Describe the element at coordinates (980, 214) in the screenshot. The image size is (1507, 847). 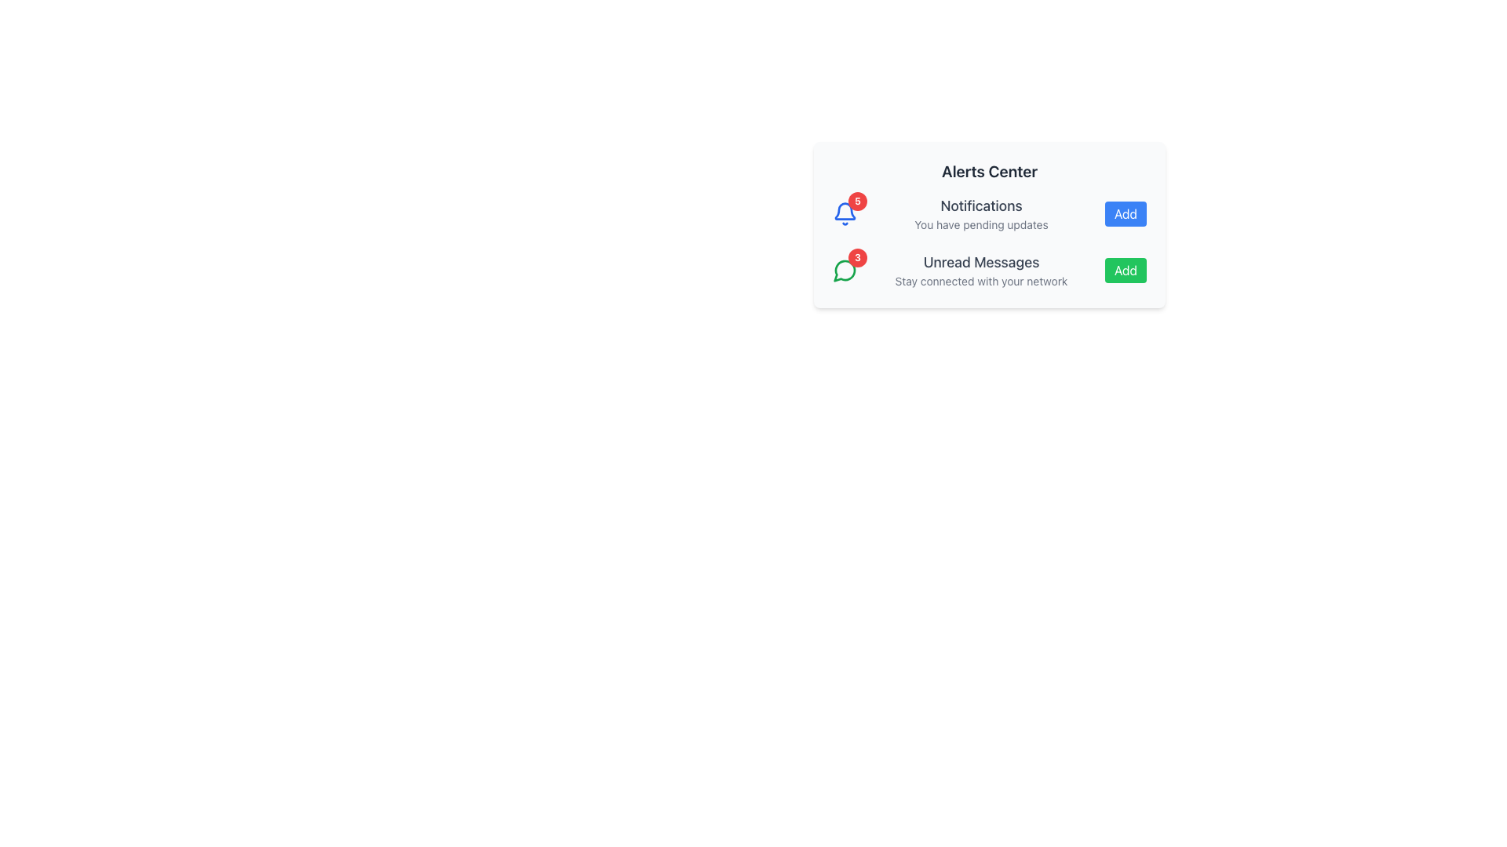
I see `the informational text display labeled 'Notifications' that indicates 'You have pending updates', located in the 'Alerts Center' section, positioned between the notification bell icon and the 'Add' button` at that location.